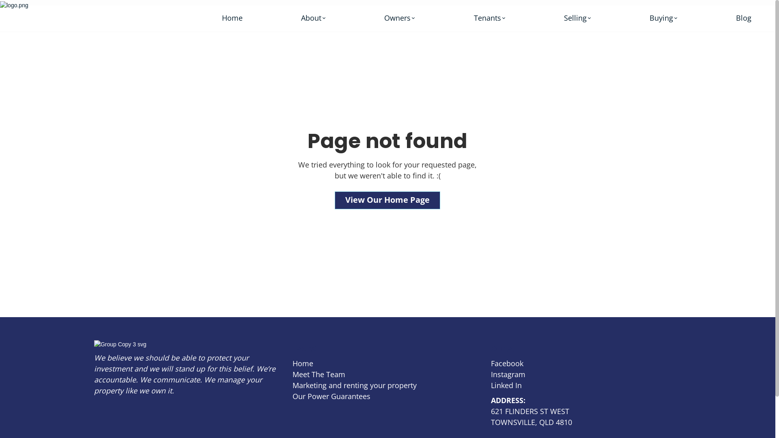  I want to click on 'Linked In', so click(490, 385).